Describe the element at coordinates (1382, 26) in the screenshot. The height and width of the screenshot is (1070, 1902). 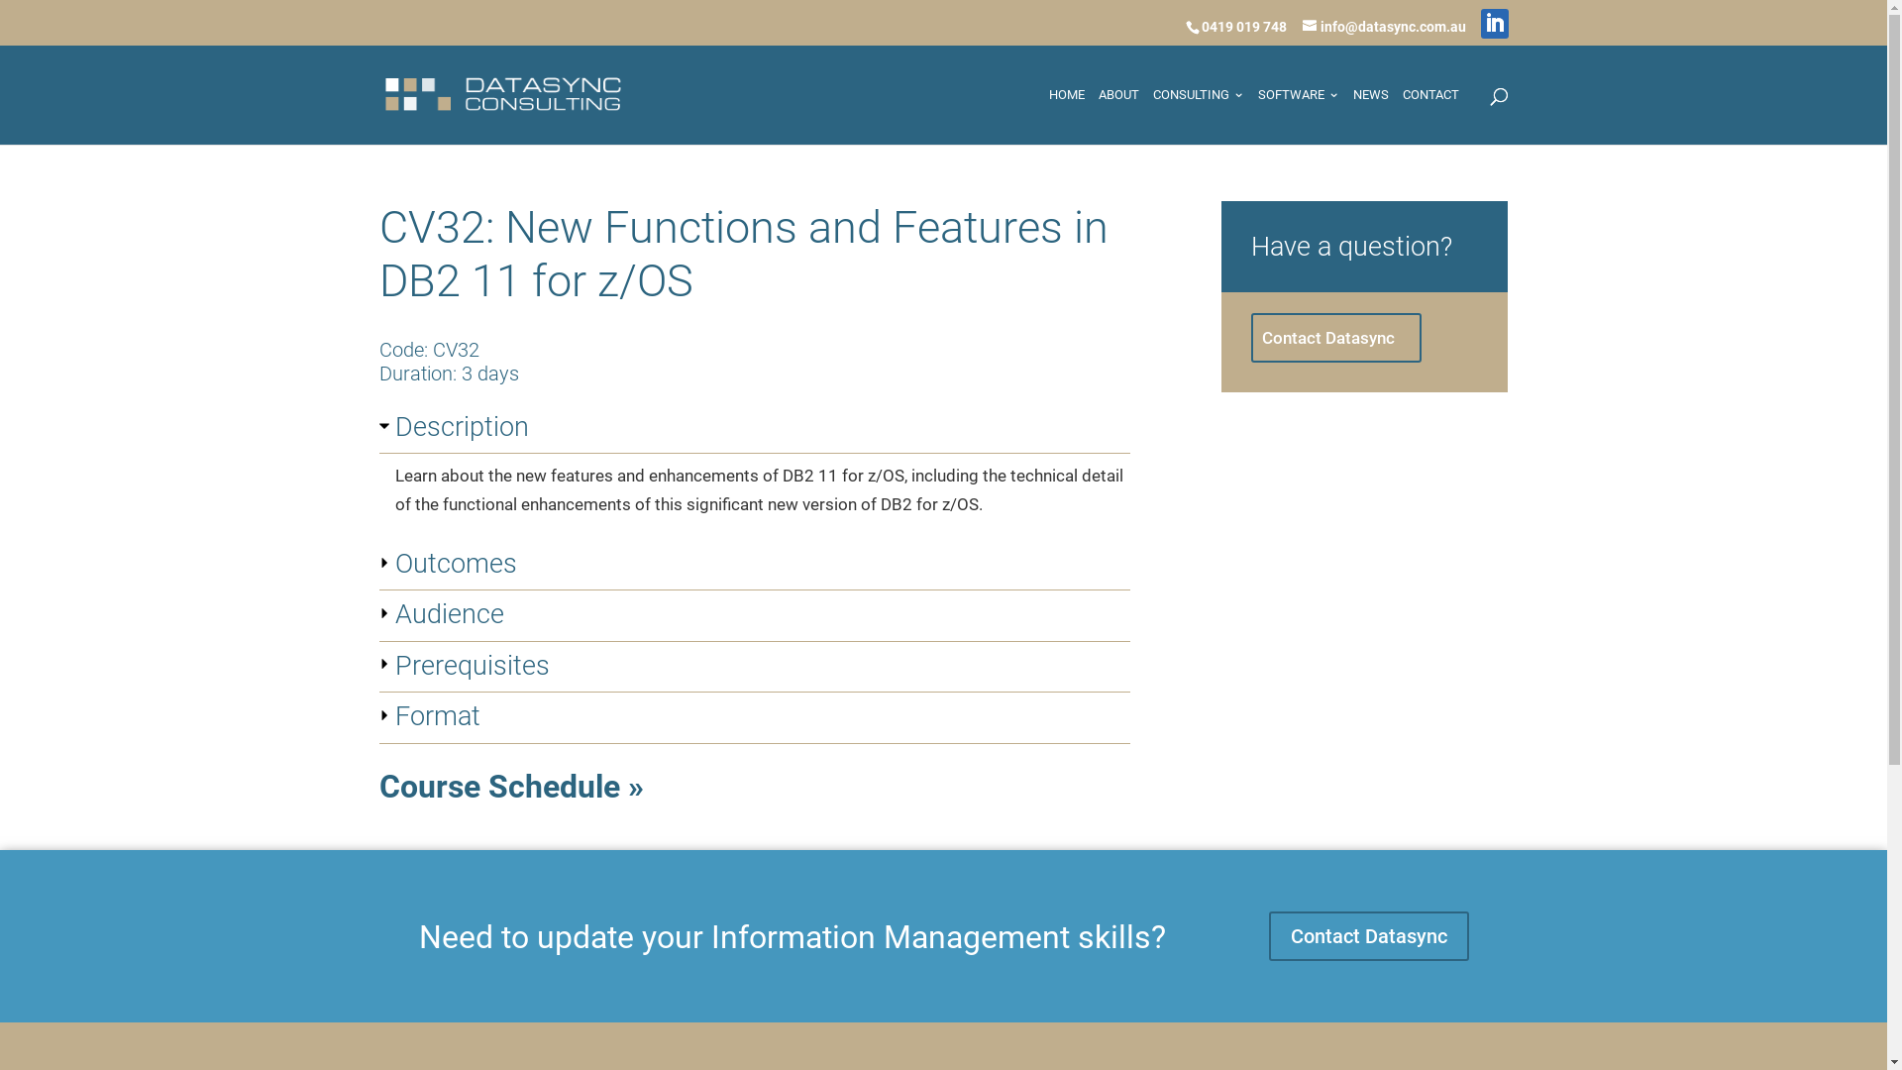
I see `'info@datasync.com.au'` at that location.